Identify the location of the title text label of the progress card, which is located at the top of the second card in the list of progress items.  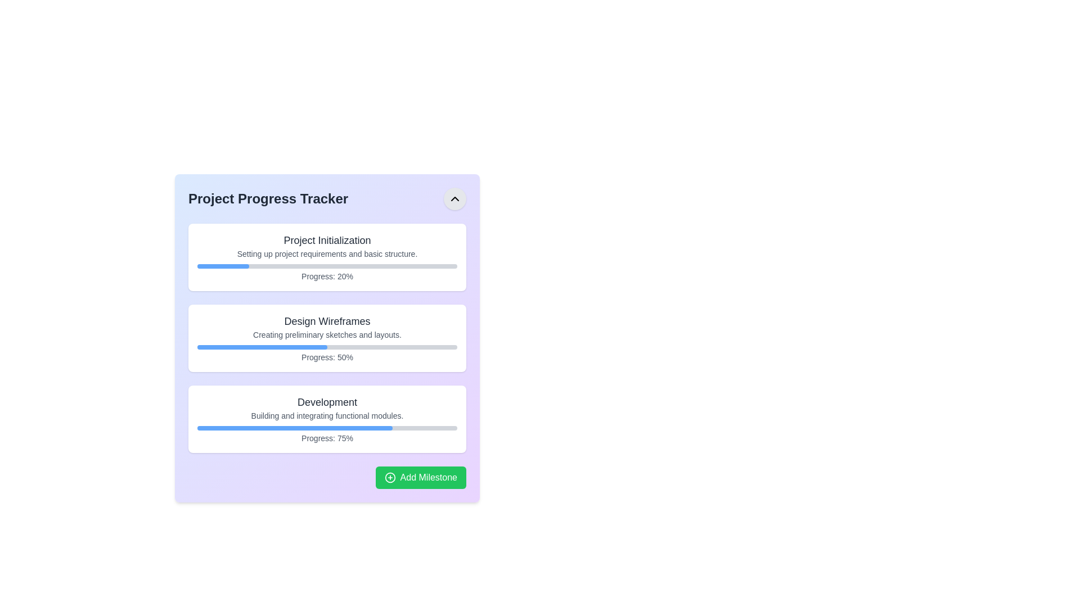
(326, 321).